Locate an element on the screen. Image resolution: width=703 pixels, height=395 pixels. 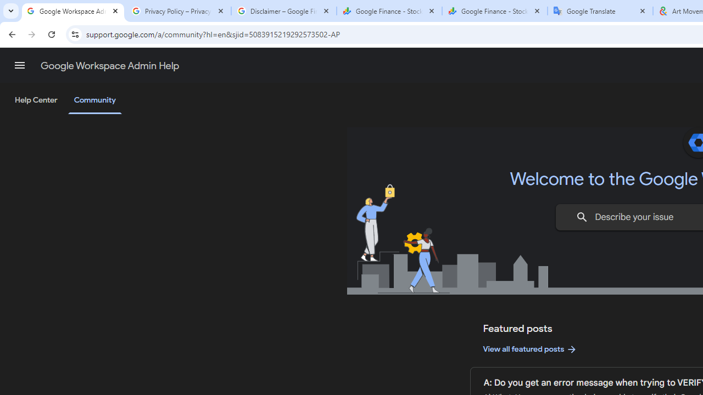
'Google Workspace Admin Community' is located at coordinates (72, 11).